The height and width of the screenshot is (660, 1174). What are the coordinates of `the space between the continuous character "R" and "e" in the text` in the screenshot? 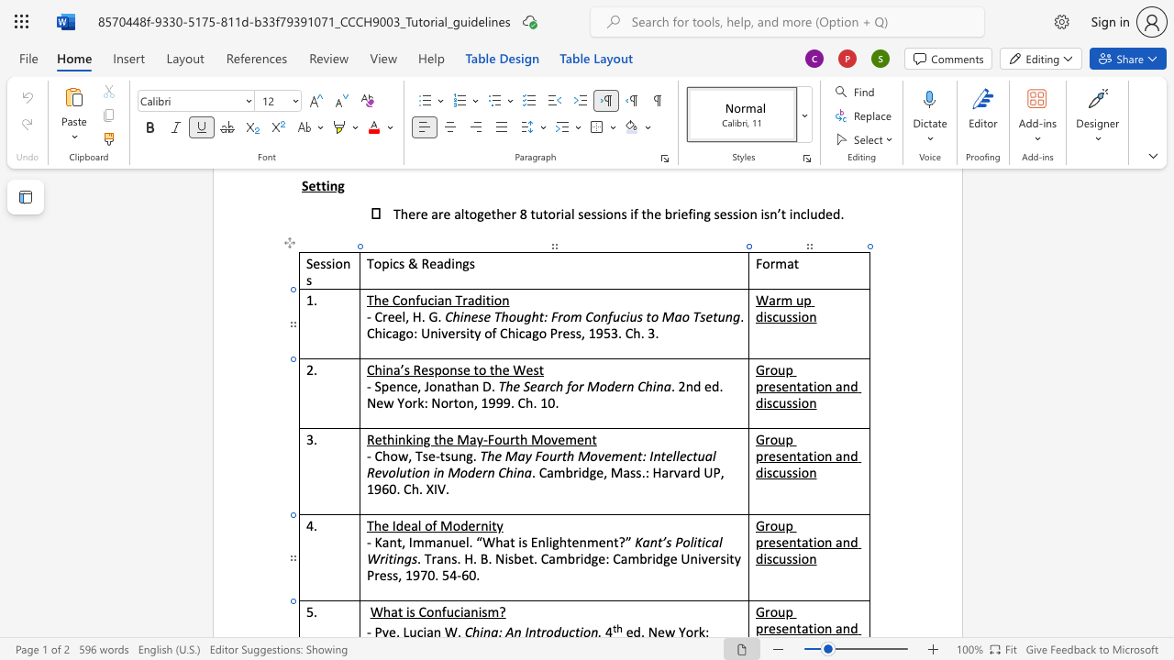 It's located at (420, 369).